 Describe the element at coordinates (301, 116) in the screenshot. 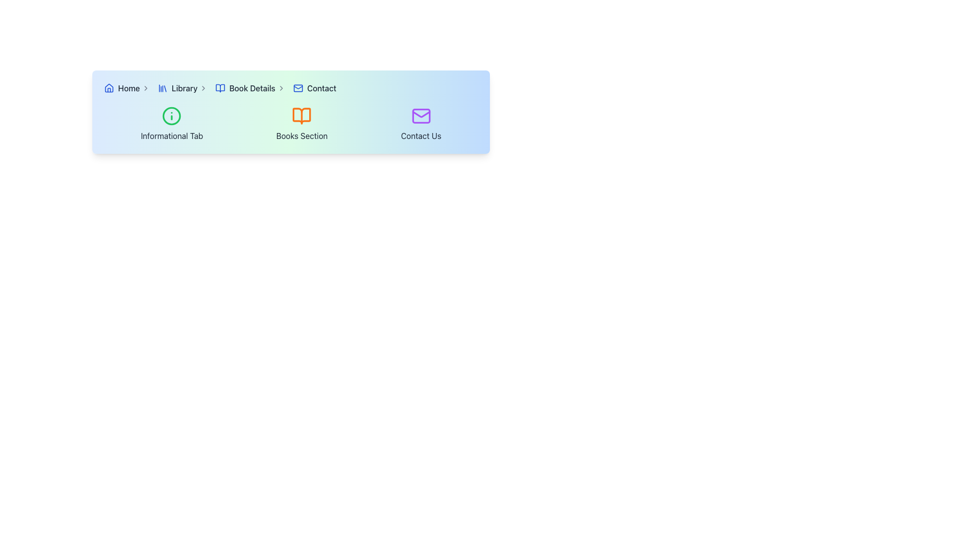

I see `the 'Books Section' icon located in the middle of a horizontal layout between a green informational icon and a purple envelope icon` at that location.